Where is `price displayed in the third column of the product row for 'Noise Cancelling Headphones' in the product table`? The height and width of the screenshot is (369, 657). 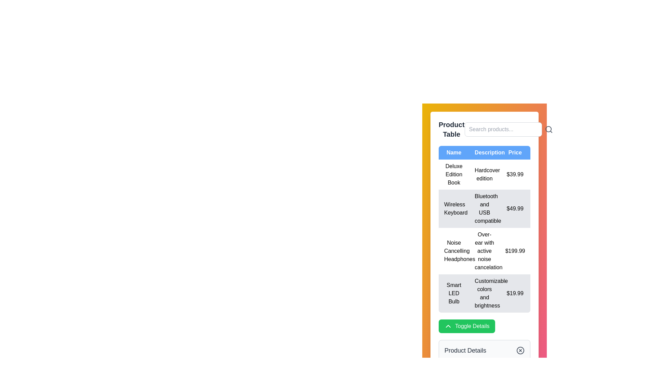 price displayed in the third column of the product row for 'Noise Cancelling Headphones' in the product table is located at coordinates (515, 251).